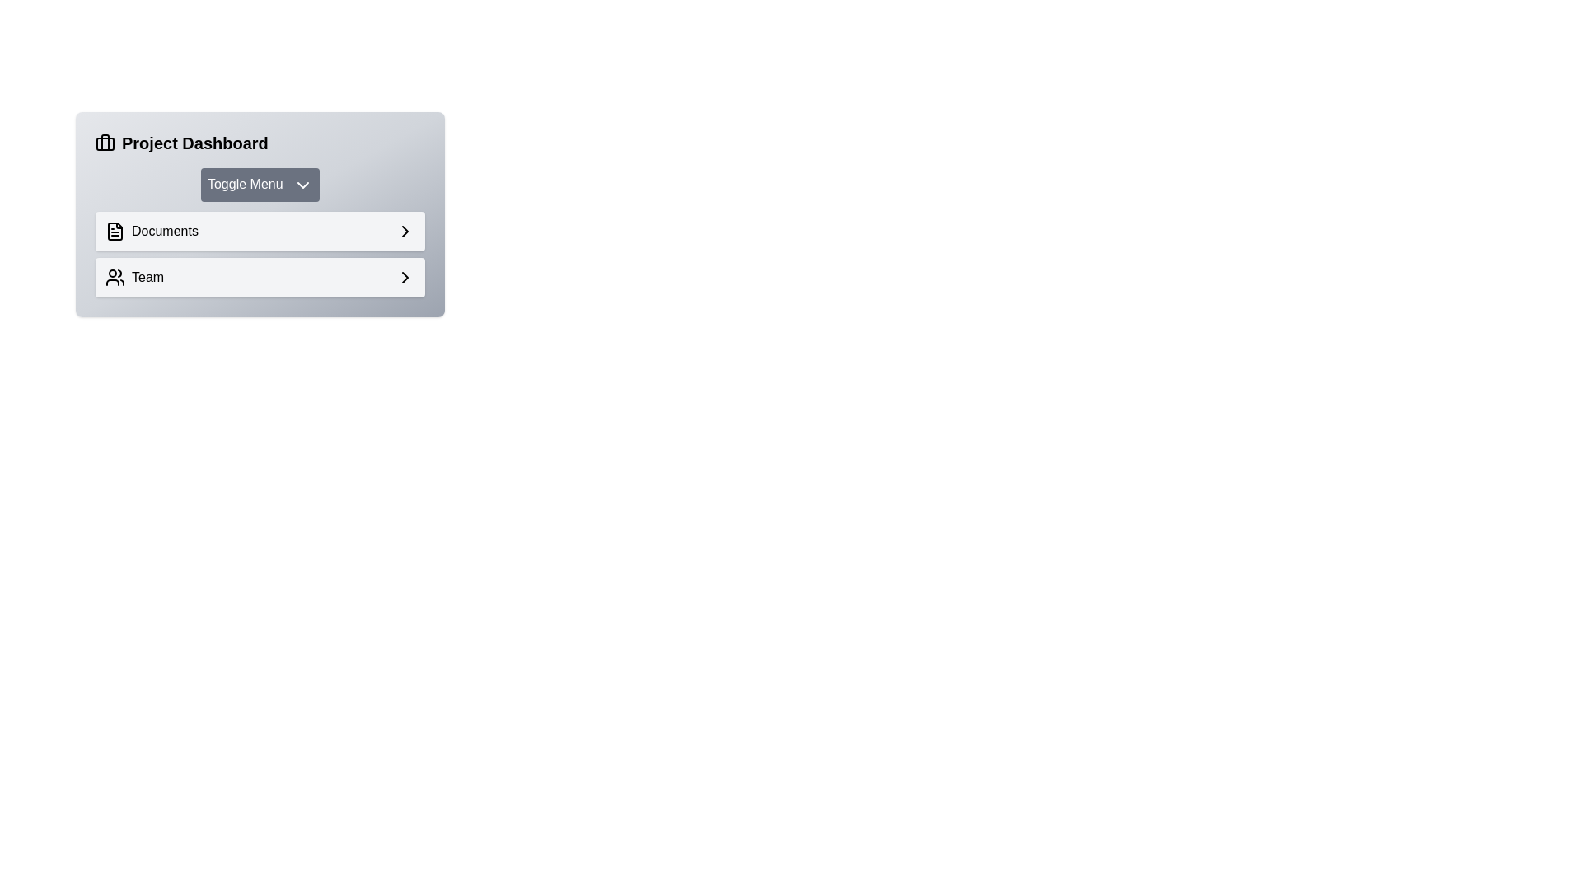  What do you see at coordinates (114, 275) in the screenshot?
I see `the minimalist group of people icon located in the navigation menu next to the 'Team' label` at bounding box center [114, 275].